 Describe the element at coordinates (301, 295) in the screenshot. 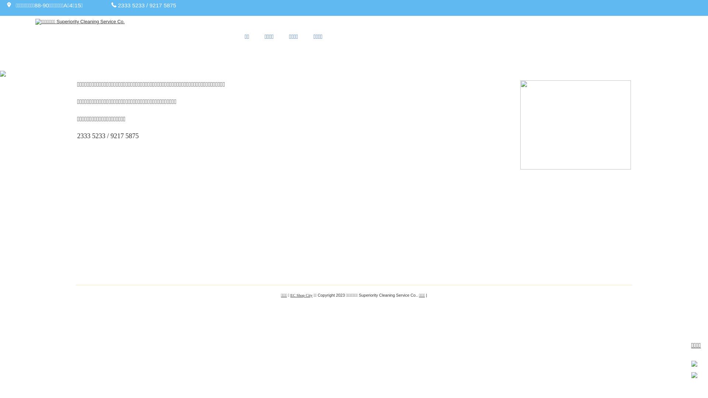

I see `'EC Shop City'` at that location.